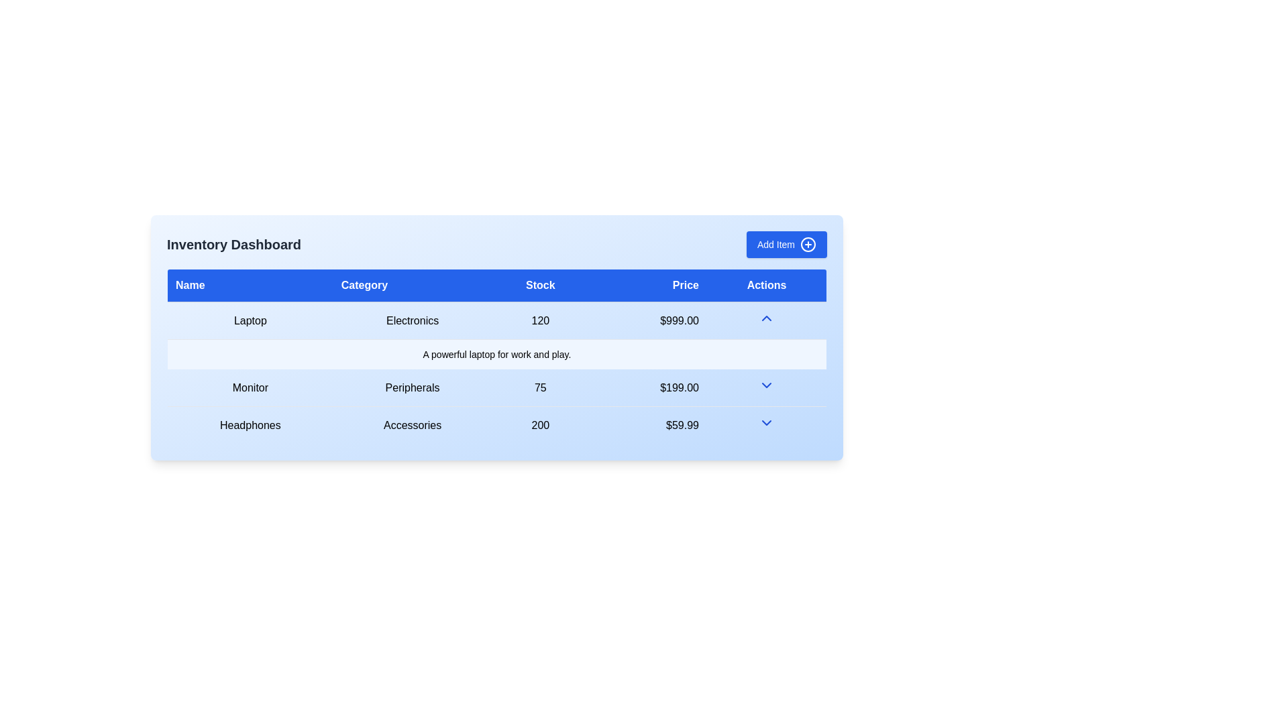 This screenshot has height=724, width=1288. I want to click on the blue downward-facing arrow icon in the 'Actions' column of the last row in the Inventory Dashboard, so click(766, 423).